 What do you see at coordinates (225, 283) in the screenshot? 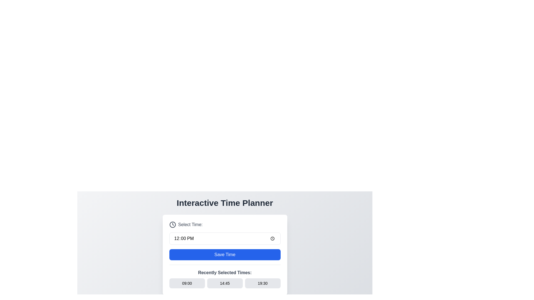
I see `the button displaying the time '14:45' to observe the hover effect, which is located in the row of three buttons under 'Recently Selected Times'` at bounding box center [225, 283].